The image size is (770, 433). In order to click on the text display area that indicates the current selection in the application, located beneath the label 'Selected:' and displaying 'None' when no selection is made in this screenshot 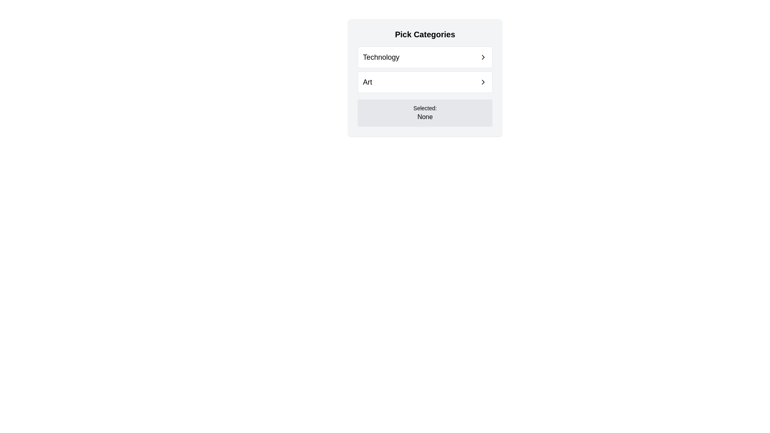, I will do `click(425, 117)`.